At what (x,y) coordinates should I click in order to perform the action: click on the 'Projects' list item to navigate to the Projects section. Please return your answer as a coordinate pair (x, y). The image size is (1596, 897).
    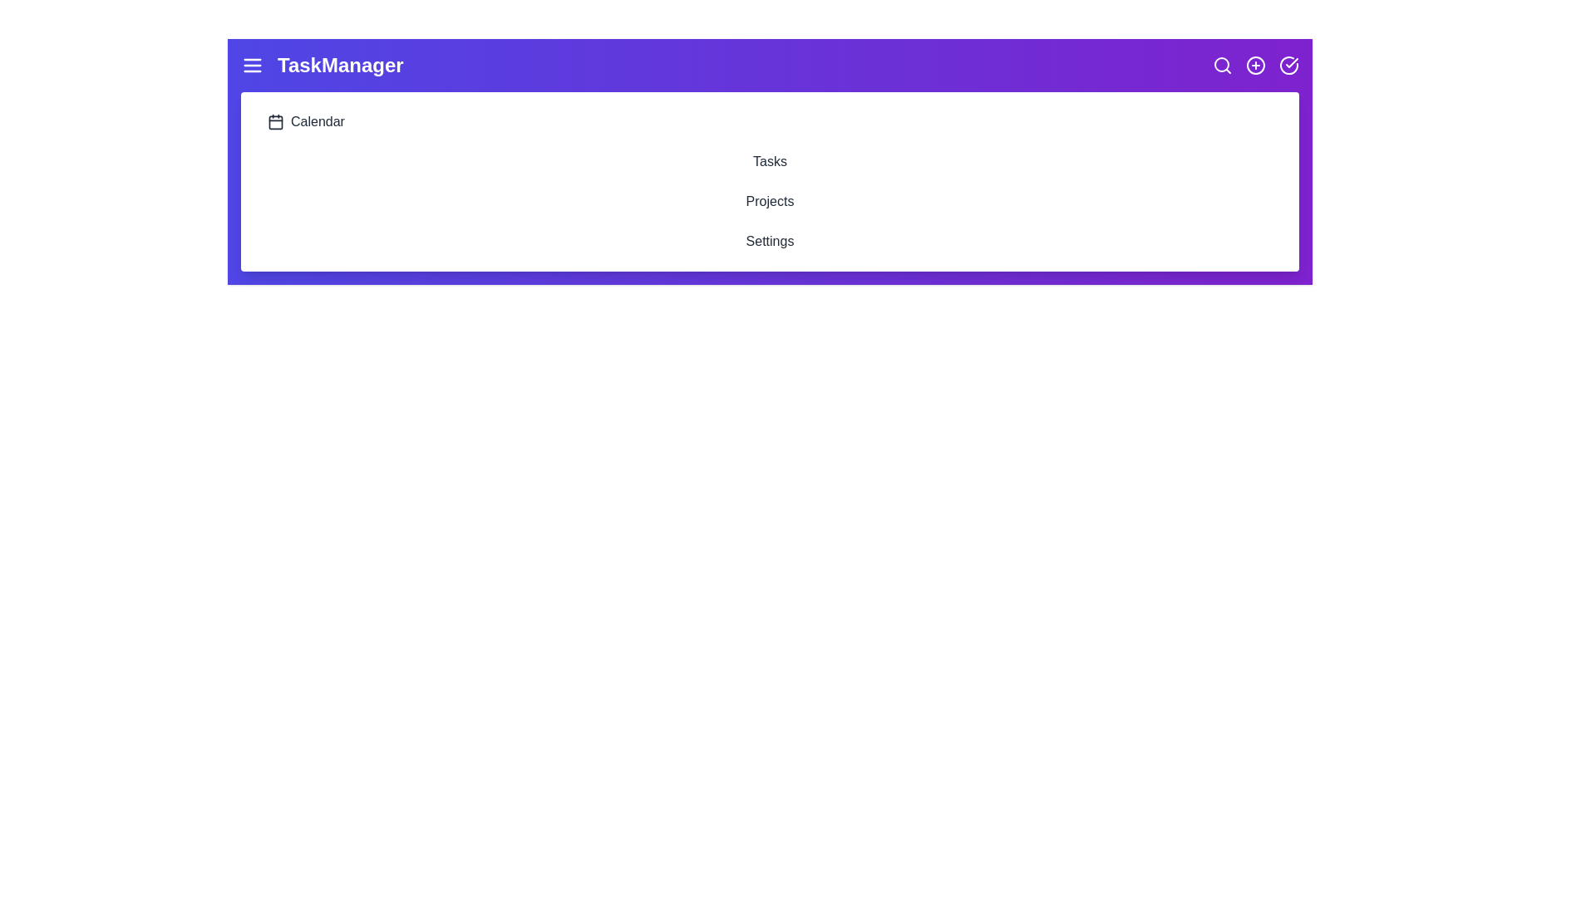
    Looking at the image, I should click on (769, 201).